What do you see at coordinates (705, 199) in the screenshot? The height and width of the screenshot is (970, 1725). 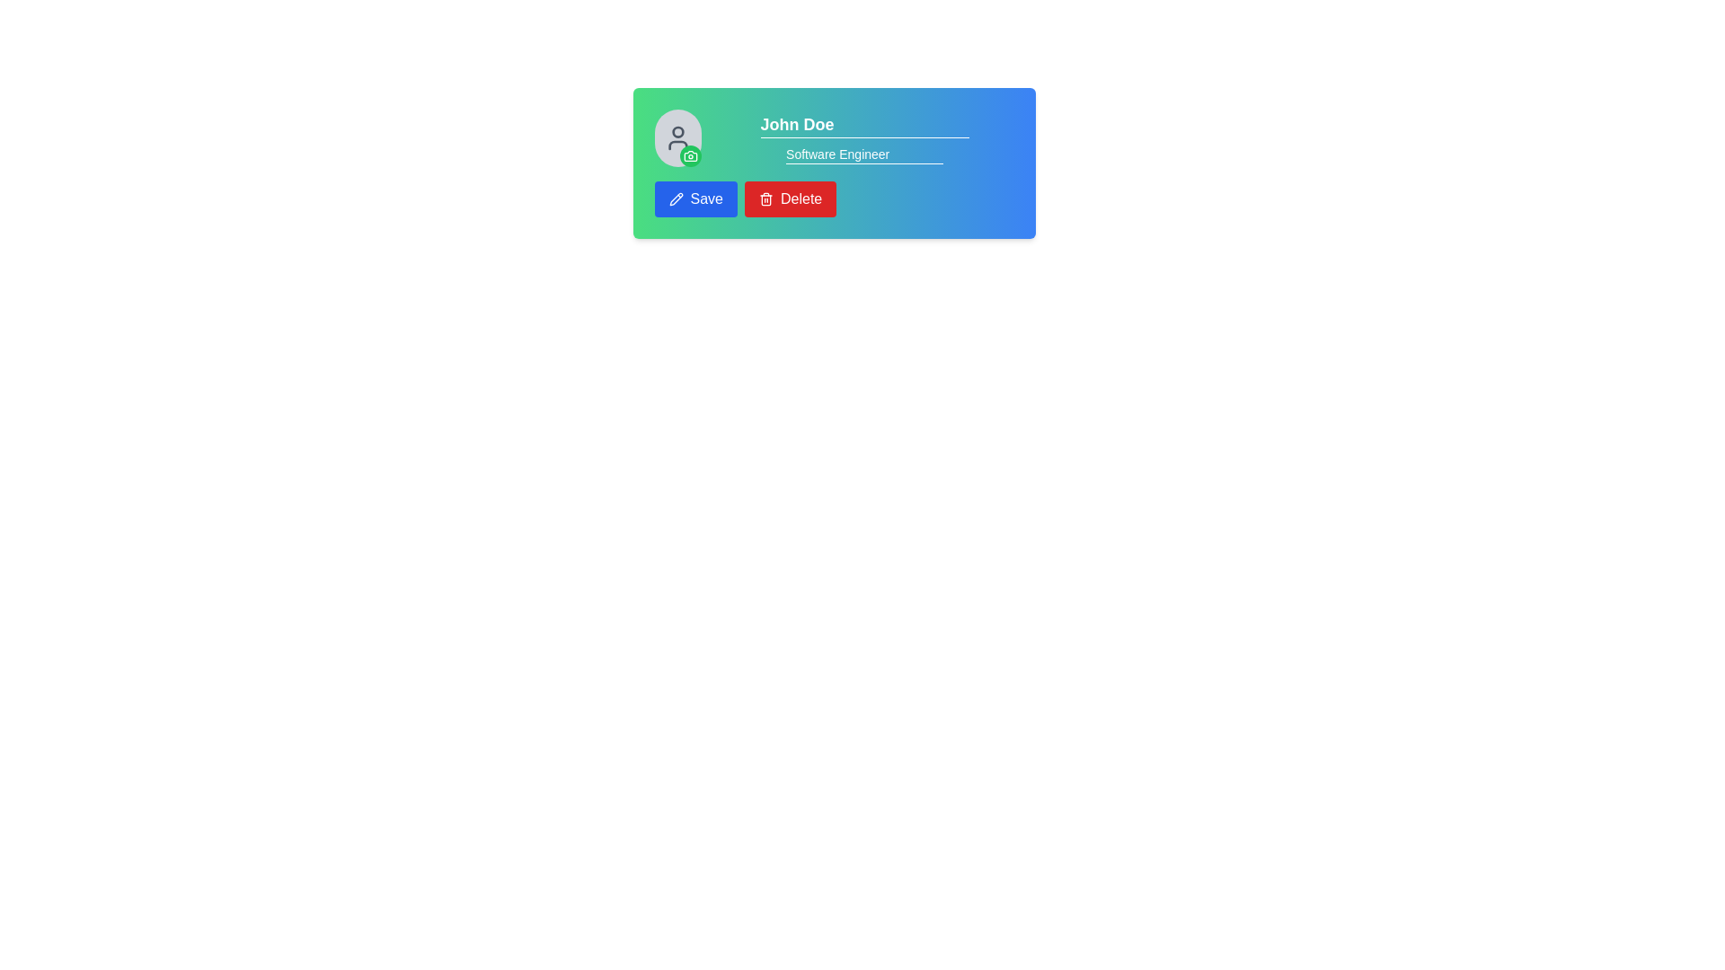 I see `the 'Save' text label, which is styled with a blue background and white text, located within a rectangular button to the left of the red 'Delete' button` at bounding box center [705, 199].